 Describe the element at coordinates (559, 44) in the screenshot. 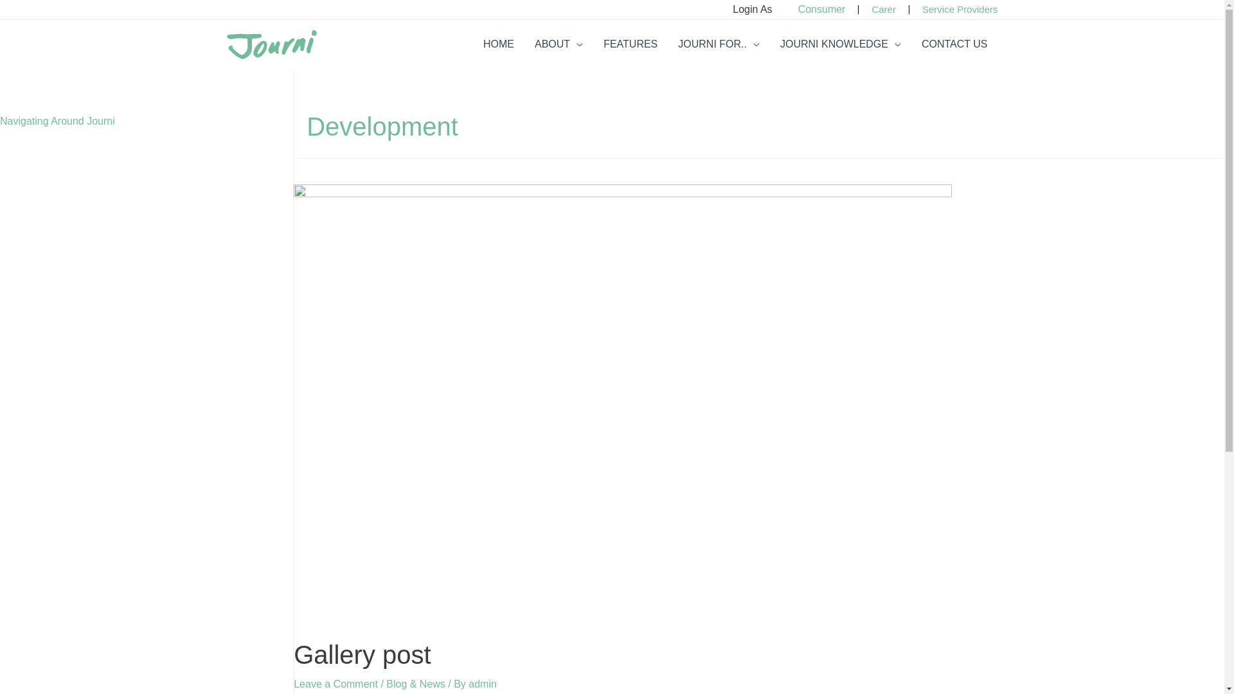

I see `'ABOUT'` at that location.